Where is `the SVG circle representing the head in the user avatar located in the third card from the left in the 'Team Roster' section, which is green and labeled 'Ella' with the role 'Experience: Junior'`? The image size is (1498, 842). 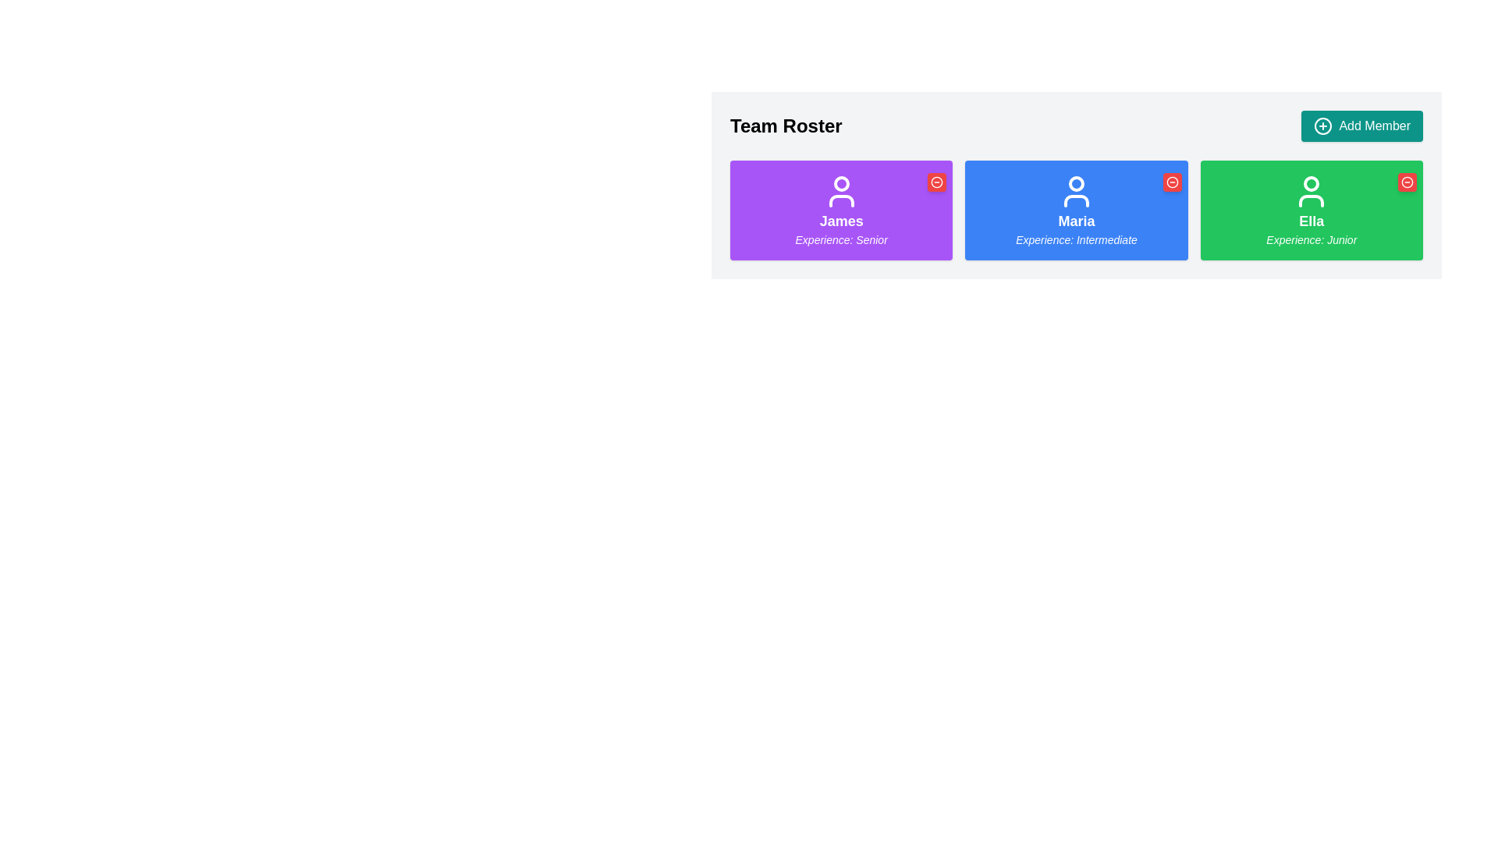 the SVG circle representing the head in the user avatar located in the third card from the left in the 'Team Roster' section, which is green and labeled 'Ella' with the role 'Experience: Junior' is located at coordinates (1311, 182).